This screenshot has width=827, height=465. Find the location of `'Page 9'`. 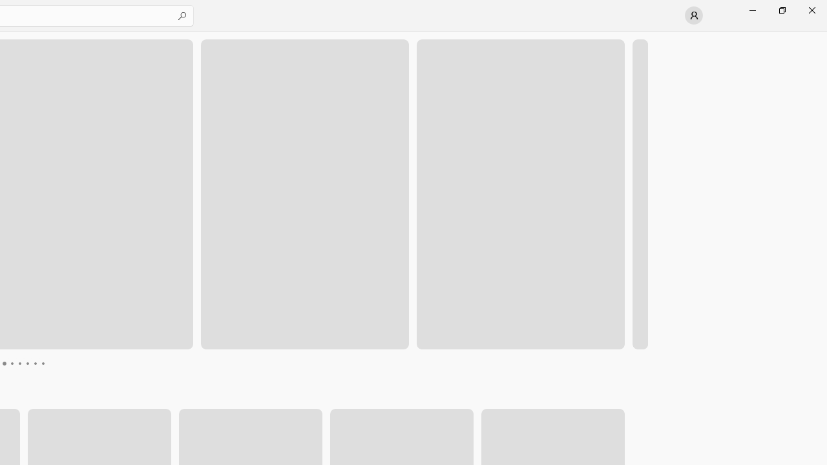

'Page 9' is located at coordinates (50, 364).